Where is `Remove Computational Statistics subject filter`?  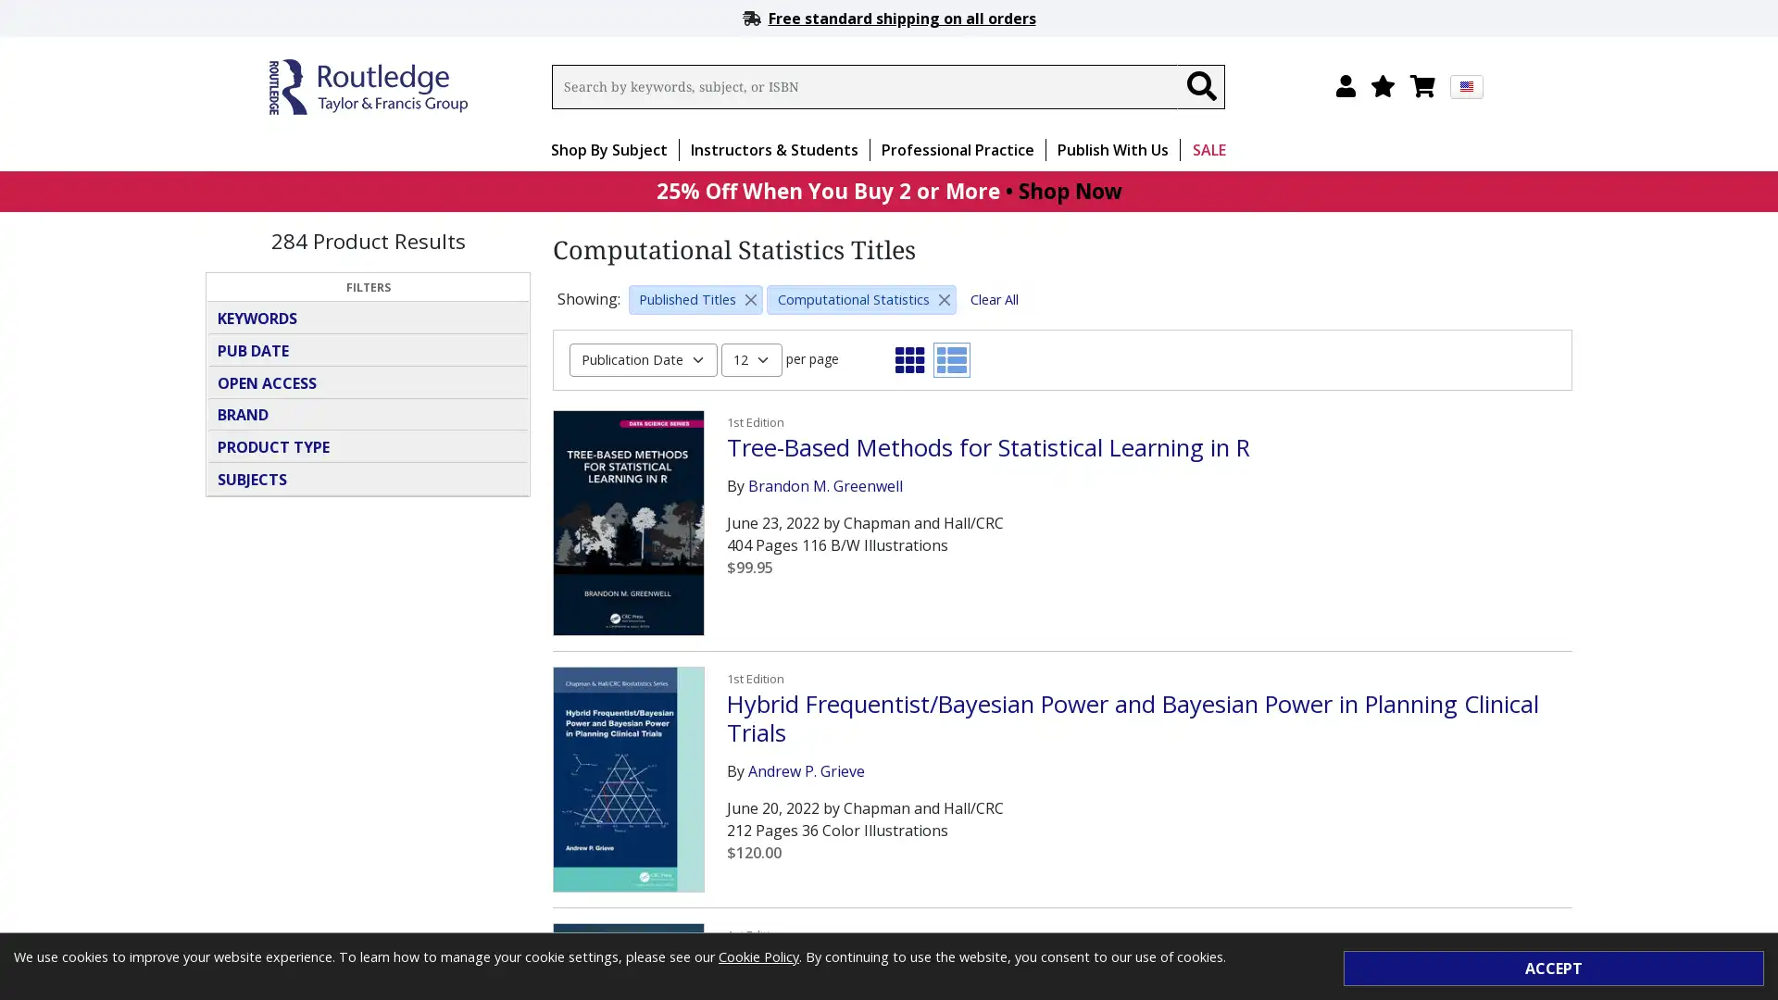 Remove Computational Statistics subject filter is located at coordinates (944, 298).